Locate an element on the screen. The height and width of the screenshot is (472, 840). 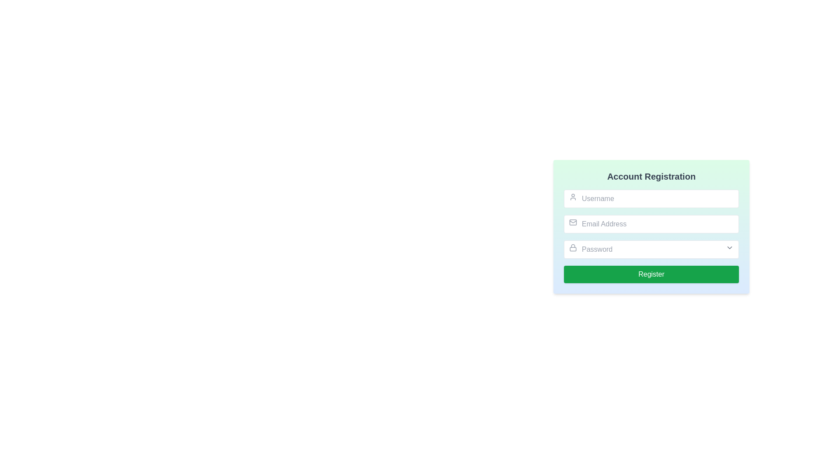
the text header labeled 'Account Registration', which is bold and large, displayed in dark gray on a light gradient background, centrally positioned above the input fields in the registration form is located at coordinates (651, 177).